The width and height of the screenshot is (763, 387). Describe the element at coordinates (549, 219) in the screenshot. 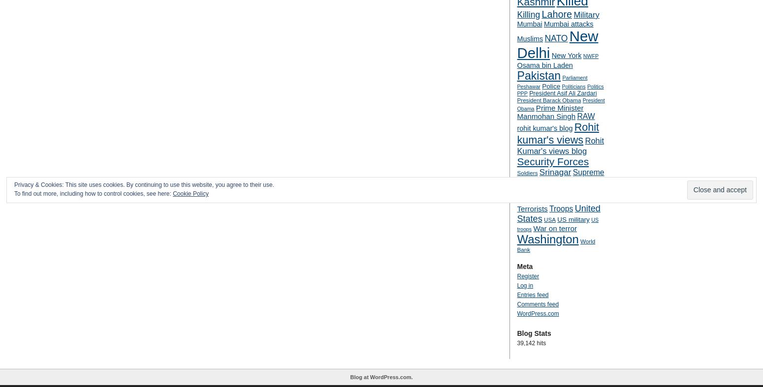

I see `'USA'` at that location.